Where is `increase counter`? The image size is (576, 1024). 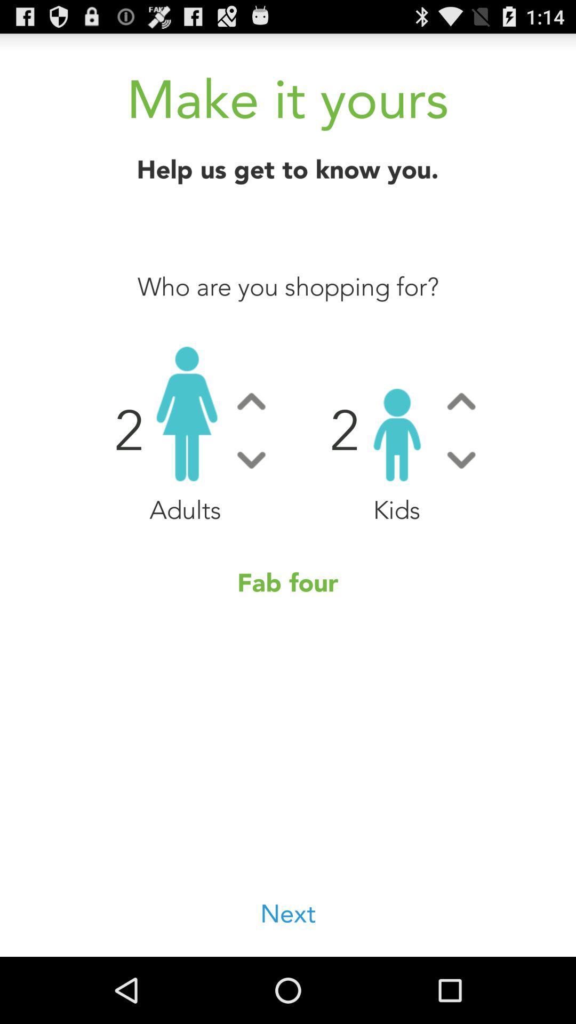
increase counter is located at coordinates (461, 401).